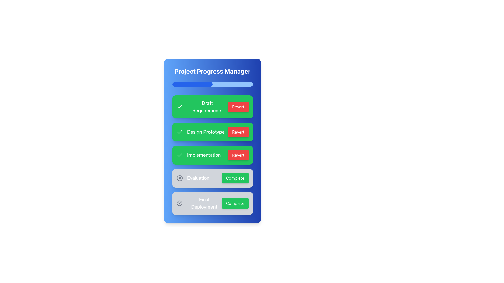 The height and width of the screenshot is (283, 504). What do you see at coordinates (180, 178) in the screenshot?
I see `the small circular Graphical Icon with a border styled as an 'x' symbol, located to the left of the 'Evaluation' text in the 'Evaluation' task item` at bounding box center [180, 178].